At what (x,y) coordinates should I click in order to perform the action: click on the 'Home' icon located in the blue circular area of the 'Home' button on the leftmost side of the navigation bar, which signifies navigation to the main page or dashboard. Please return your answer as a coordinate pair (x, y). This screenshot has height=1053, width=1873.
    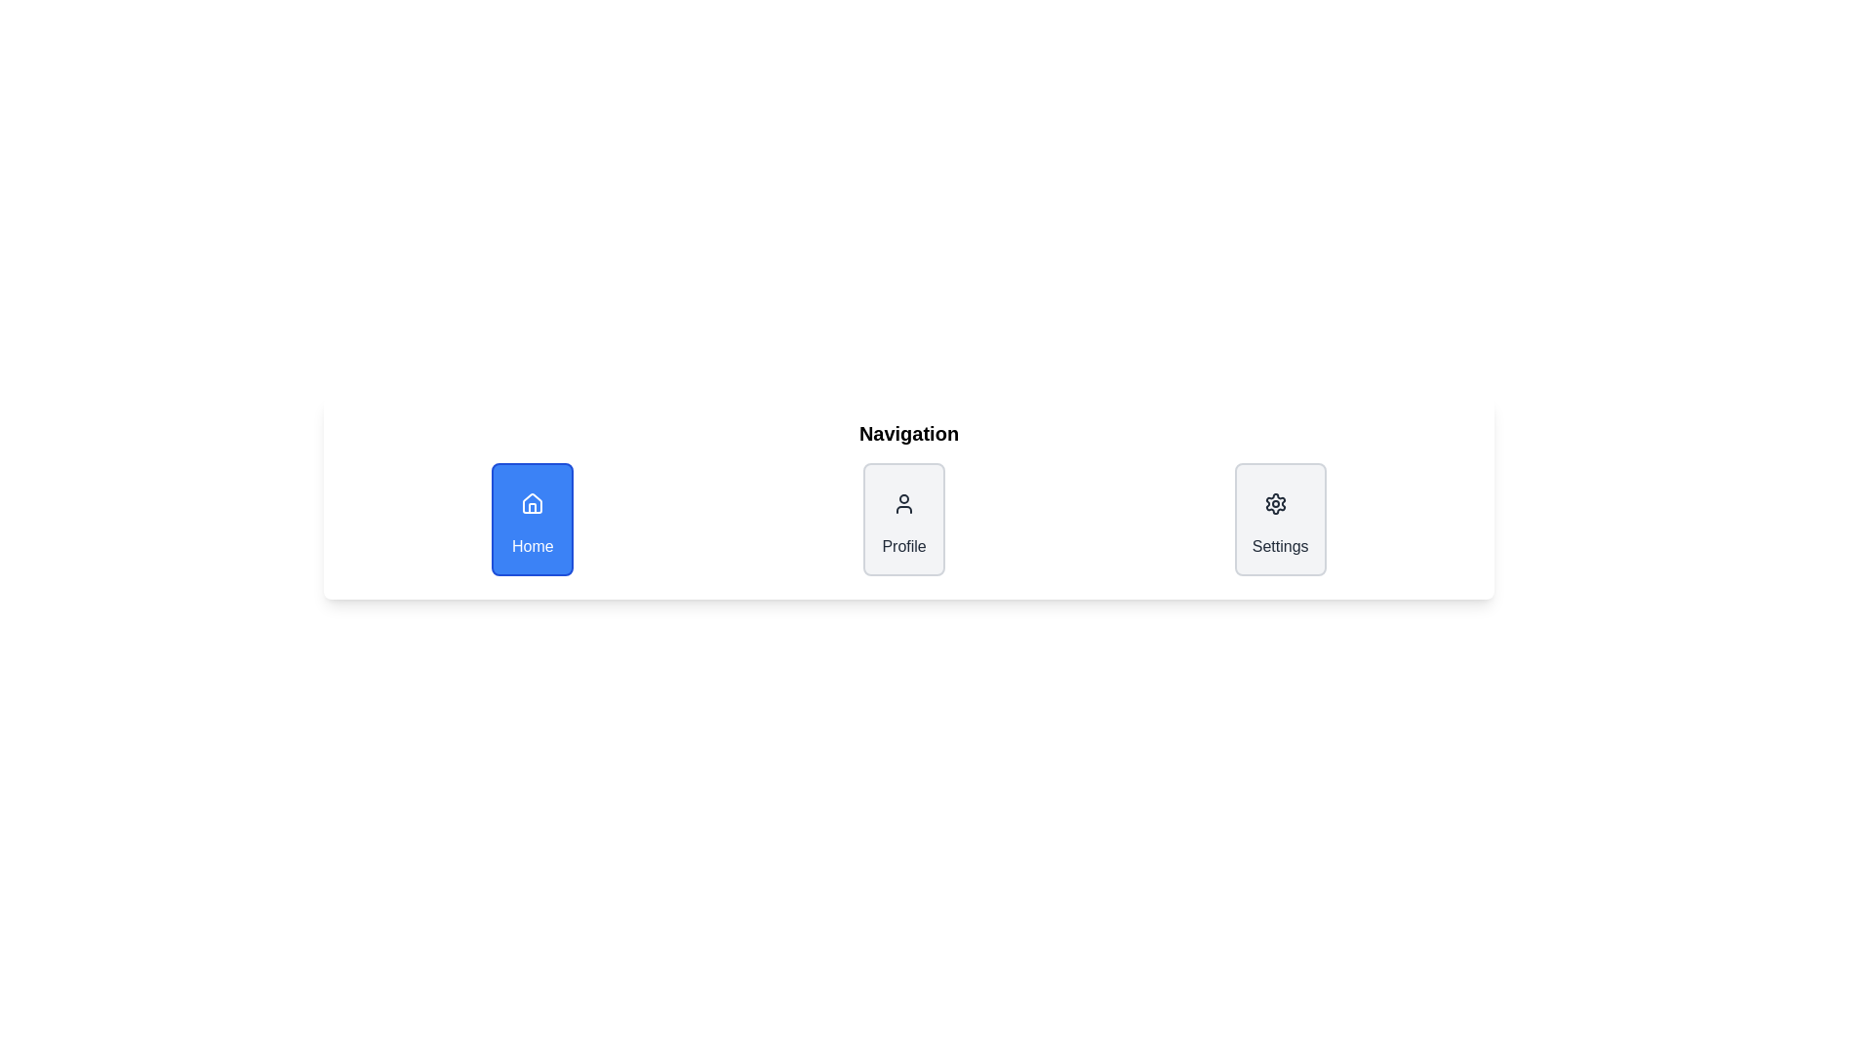
    Looking at the image, I should click on (533, 502).